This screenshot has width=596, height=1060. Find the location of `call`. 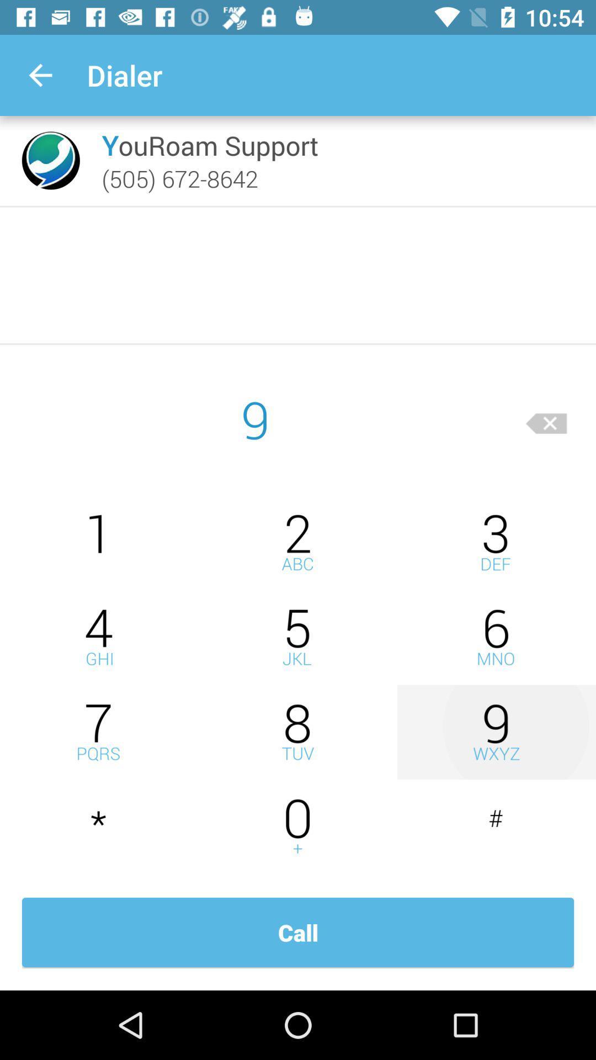

call is located at coordinates (298, 932).